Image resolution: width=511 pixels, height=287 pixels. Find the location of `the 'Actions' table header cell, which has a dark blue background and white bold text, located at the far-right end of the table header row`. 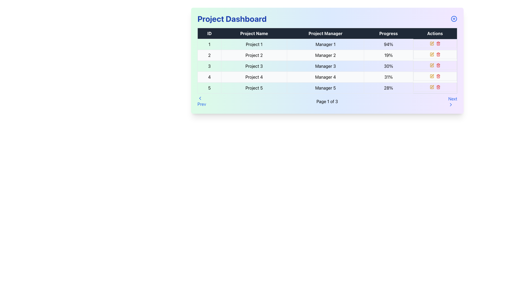

the 'Actions' table header cell, which has a dark blue background and white bold text, located at the far-right end of the table header row is located at coordinates (435, 33).